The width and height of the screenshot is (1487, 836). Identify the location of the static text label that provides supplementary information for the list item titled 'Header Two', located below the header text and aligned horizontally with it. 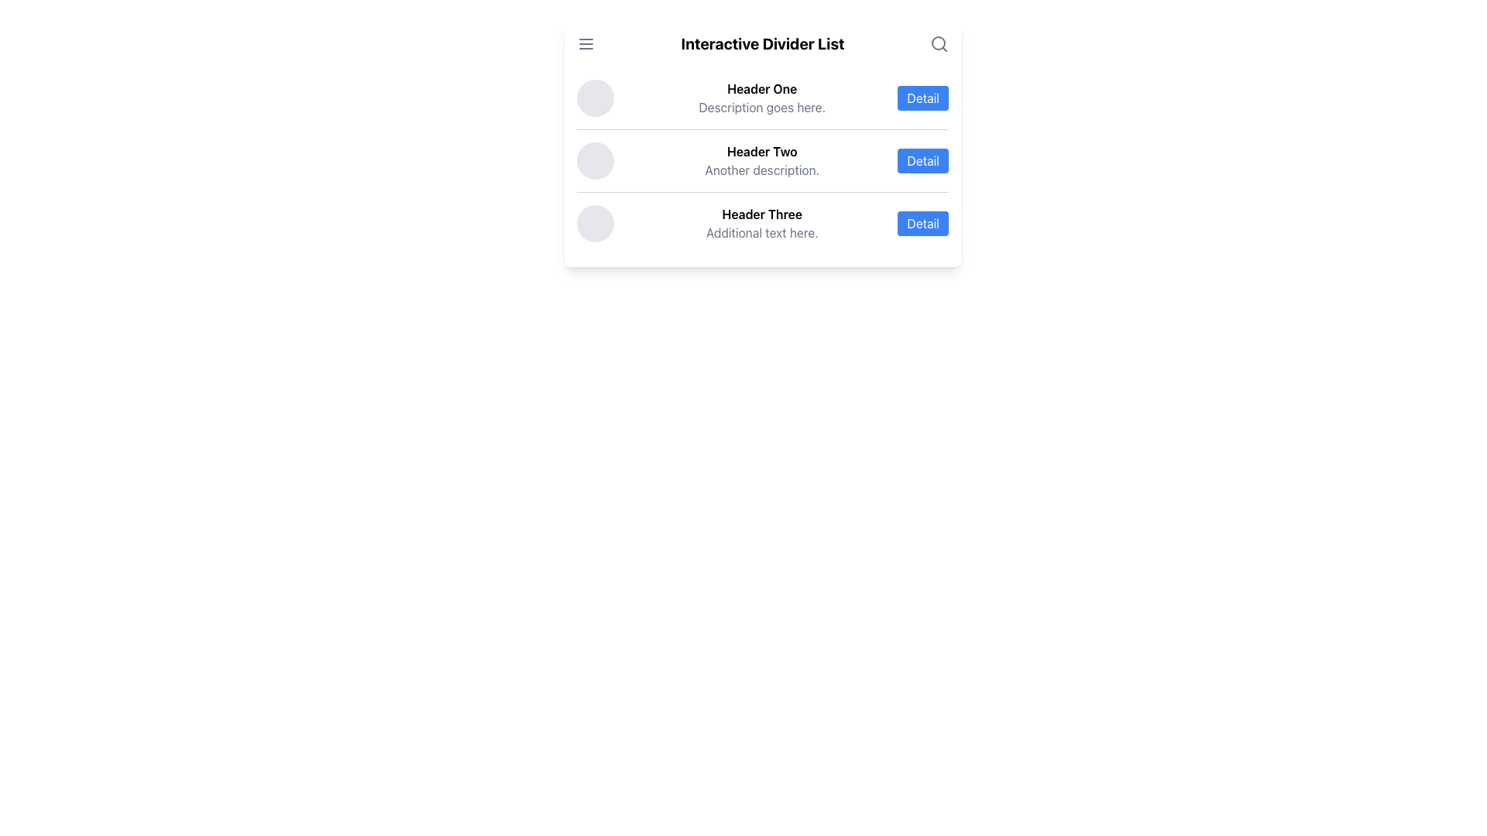
(762, 170).